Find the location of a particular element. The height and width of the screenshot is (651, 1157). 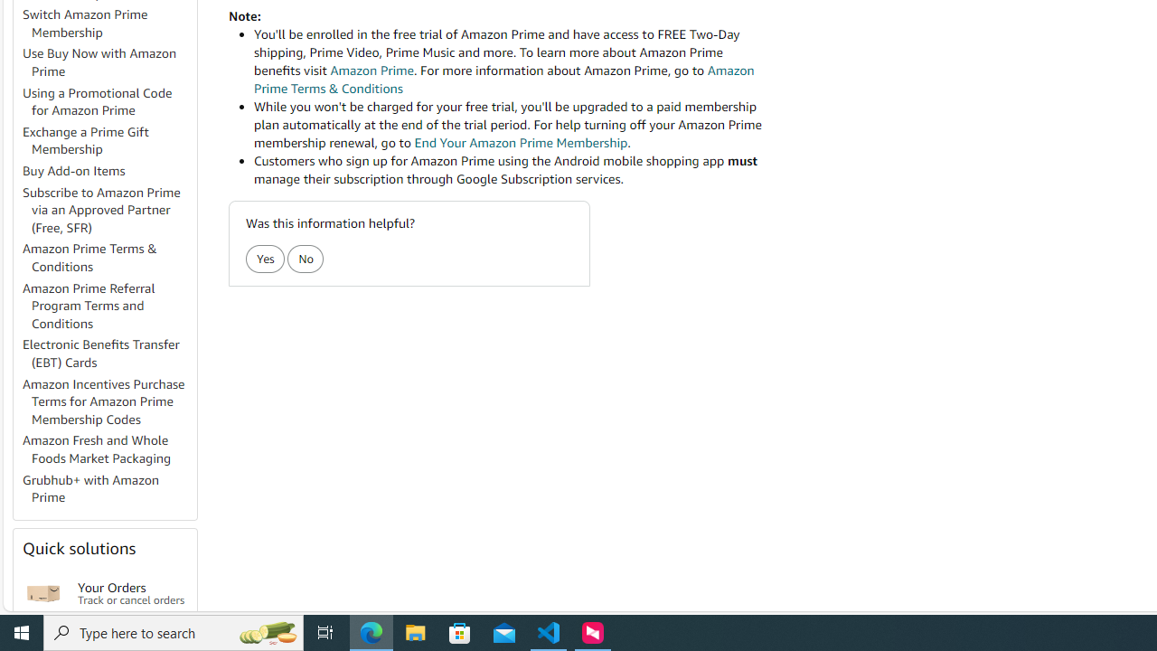

'No' is located at coordinates (306, 259).